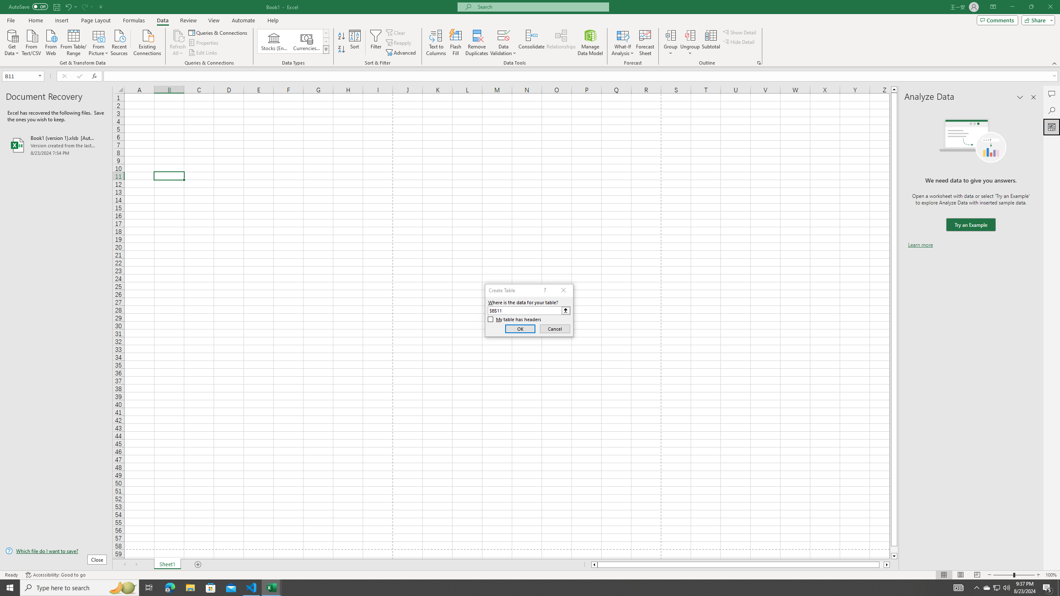 The width and height of the screenshot is (1060, 596). What do you see at coordinates (690, 43) in the screenshot?
I see `'Ungroup...'` at bounding box center [690, 43].